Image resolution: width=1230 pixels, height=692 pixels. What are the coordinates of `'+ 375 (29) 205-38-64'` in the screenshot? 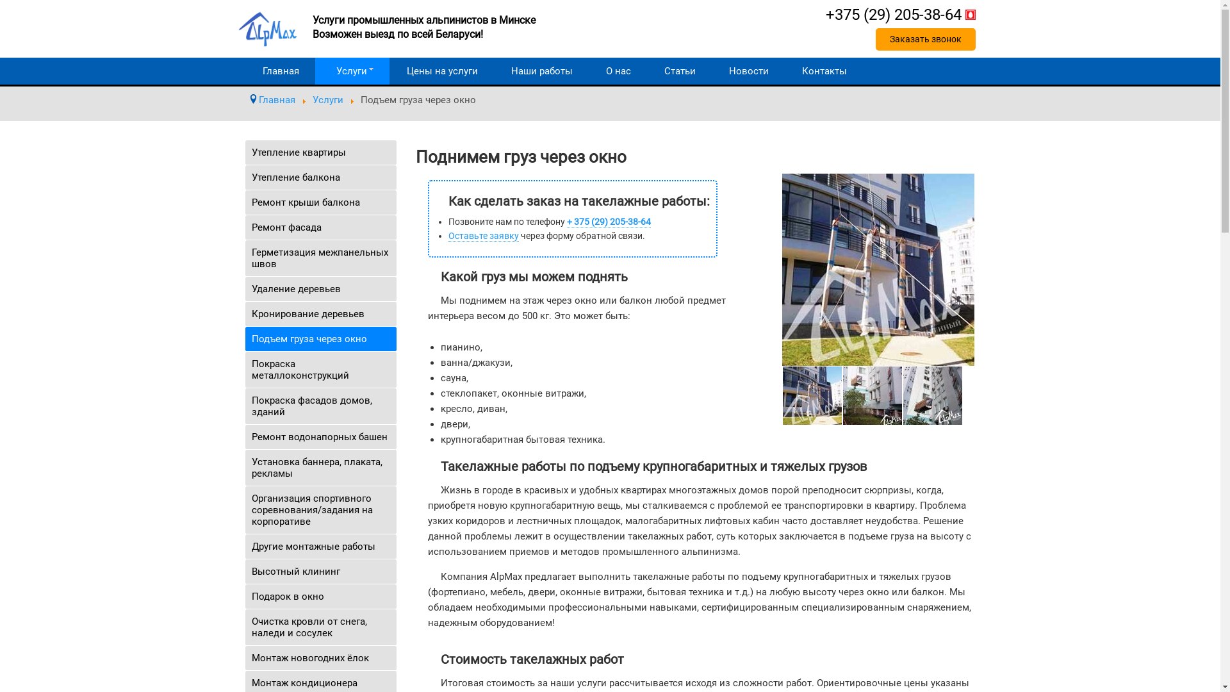 It's located at (607, 221).